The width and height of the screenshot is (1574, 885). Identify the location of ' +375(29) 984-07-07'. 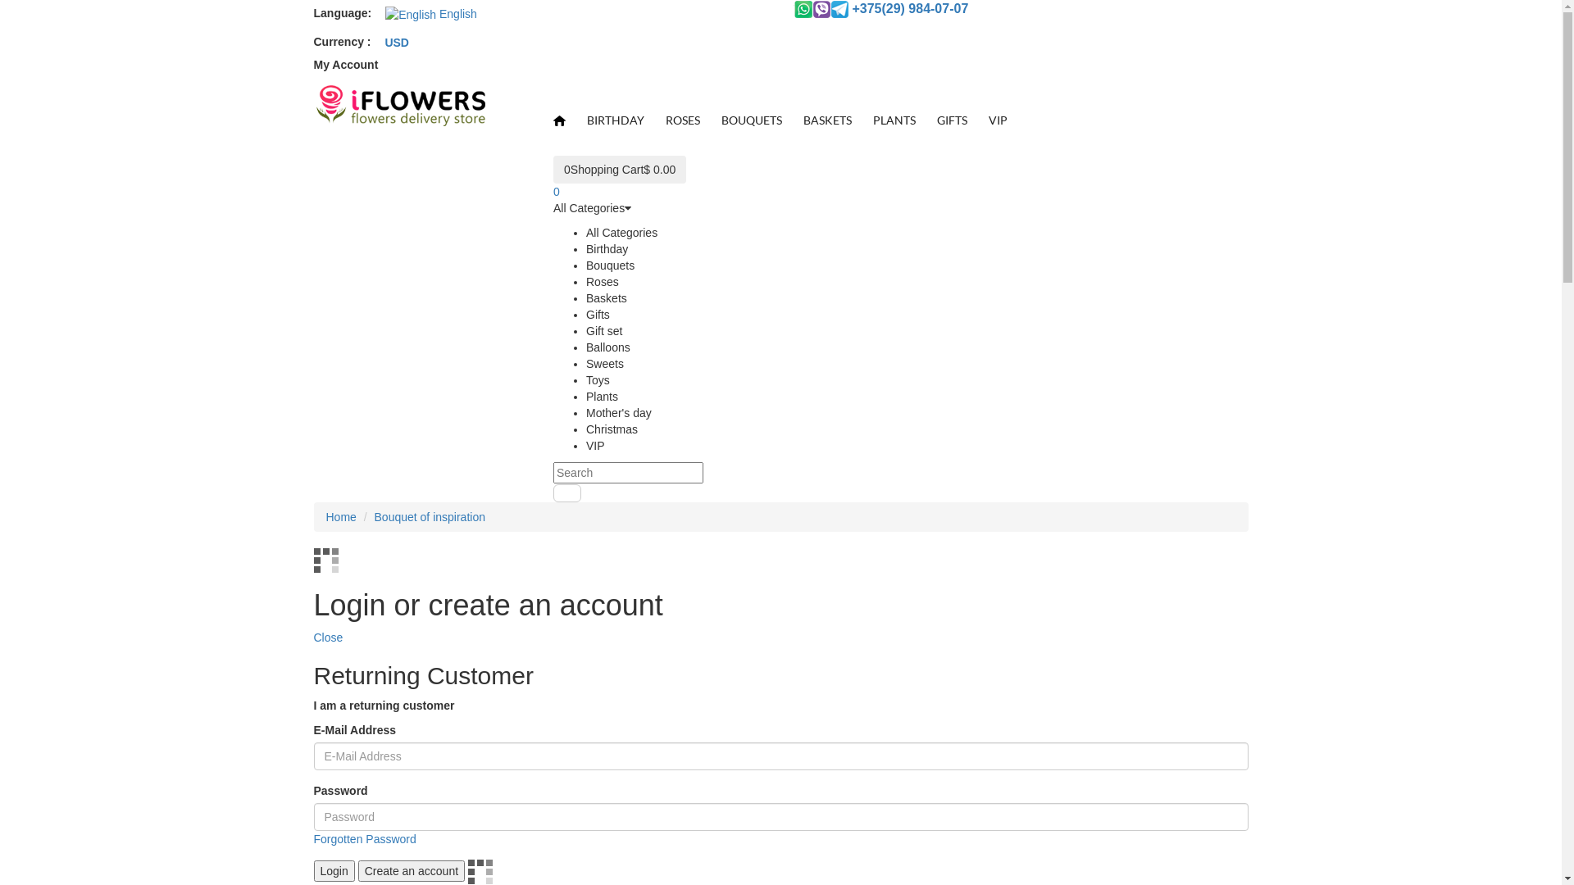
(880, 9).